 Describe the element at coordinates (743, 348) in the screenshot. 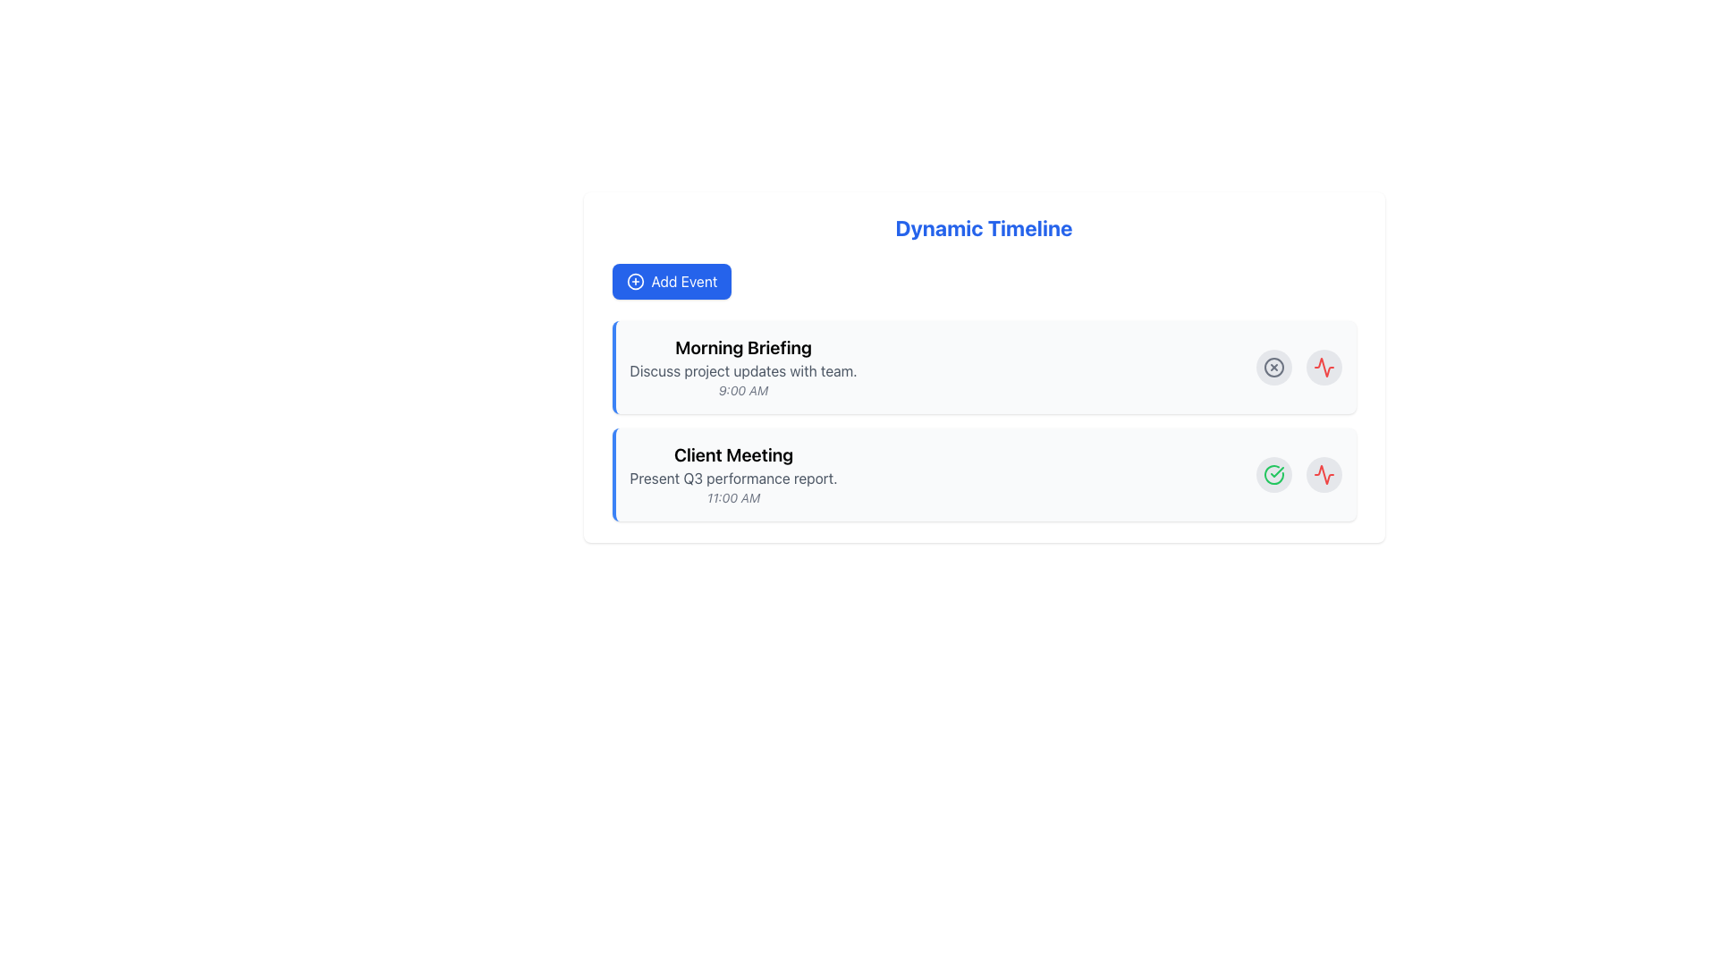

I see `the text label that serves as the title of an agenda item, positioned at the top of a rectangular card containing related information` at that location.